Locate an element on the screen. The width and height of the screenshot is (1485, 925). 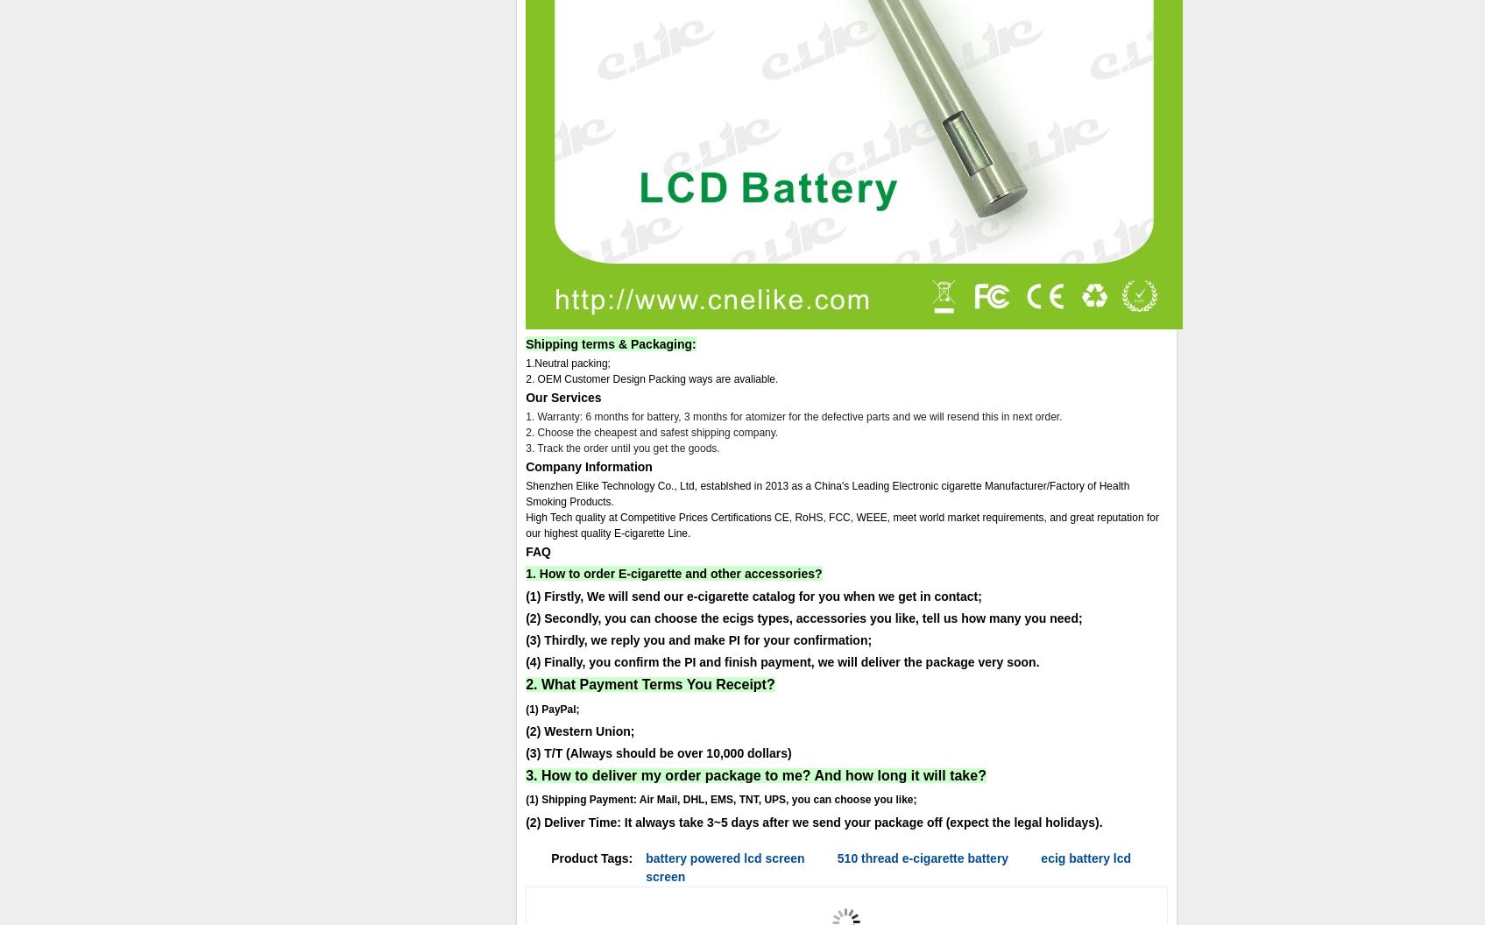
'Our Services' is located at coordinates (562, 397).